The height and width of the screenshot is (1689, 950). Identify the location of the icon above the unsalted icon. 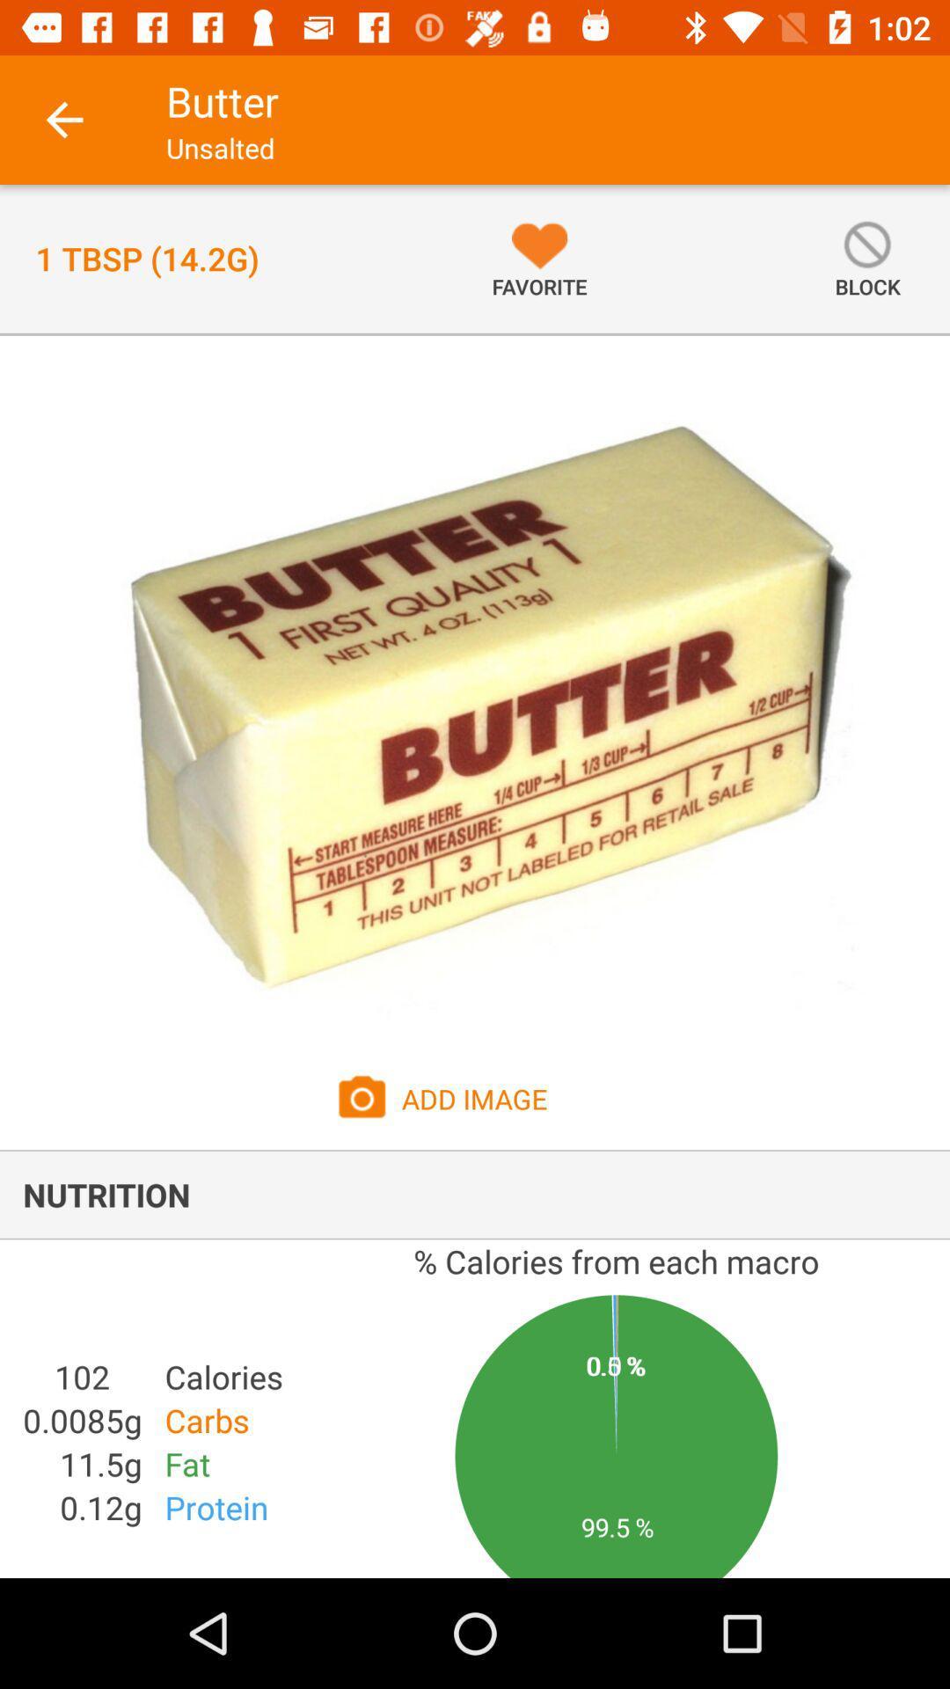
(221, 100).